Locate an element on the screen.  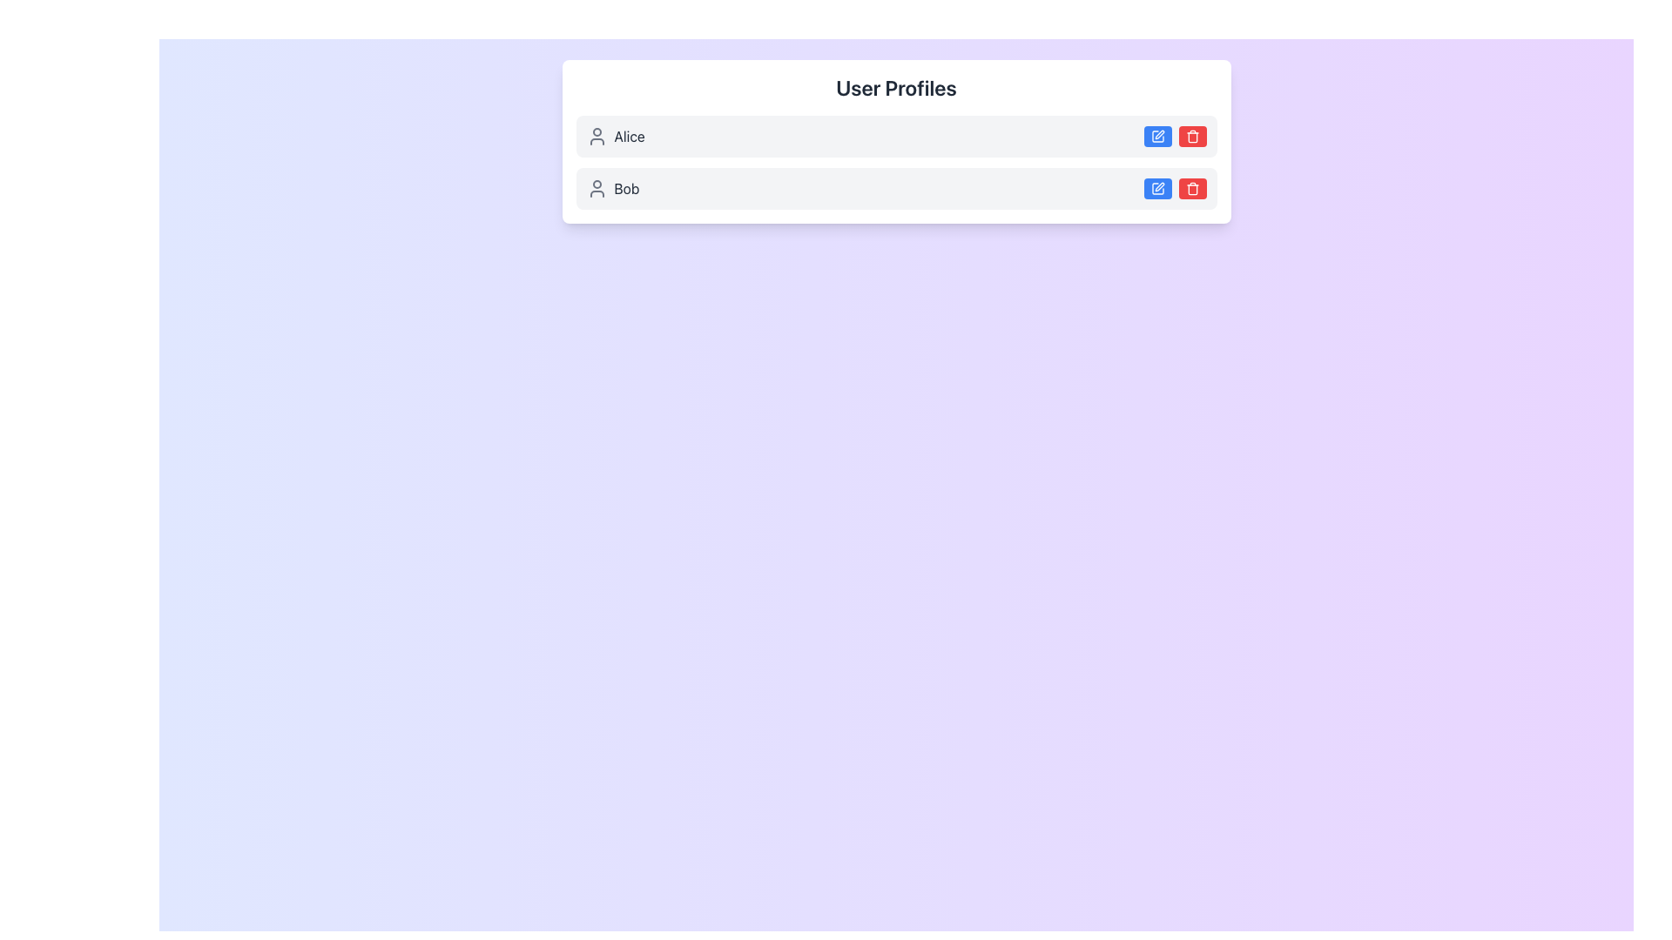
the delete button for user 'Alice' located at the rightmost position in the User Profiles section, adjacent to the edit button is located at coordinates (1191, 136).